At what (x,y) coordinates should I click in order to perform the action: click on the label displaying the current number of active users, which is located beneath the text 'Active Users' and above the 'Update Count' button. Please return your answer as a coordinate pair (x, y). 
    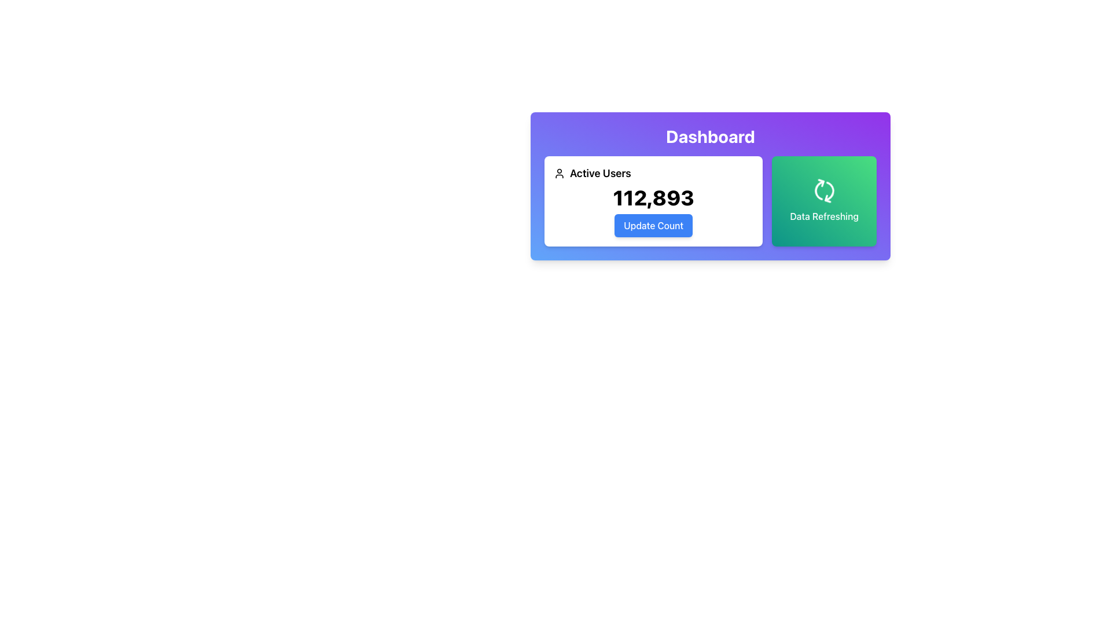
    Looking at the image, I should click on (653, 197).